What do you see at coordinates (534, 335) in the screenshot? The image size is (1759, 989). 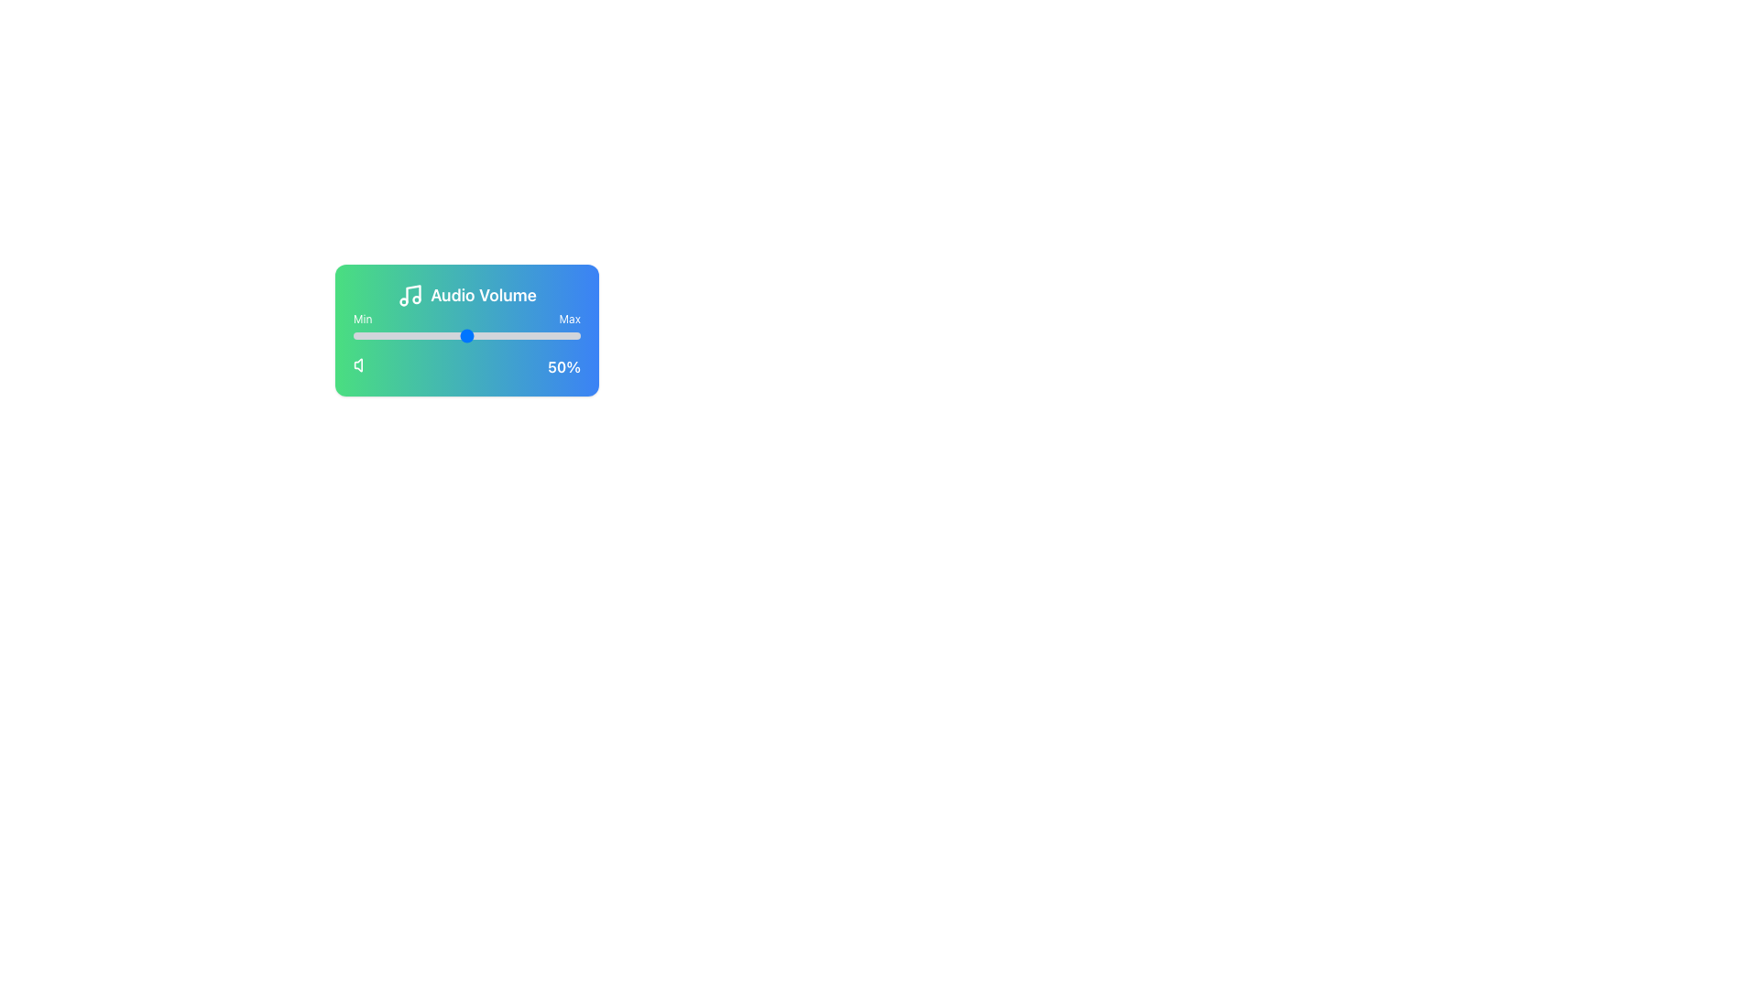 I see `the volume` at bounding box center [534, 335].